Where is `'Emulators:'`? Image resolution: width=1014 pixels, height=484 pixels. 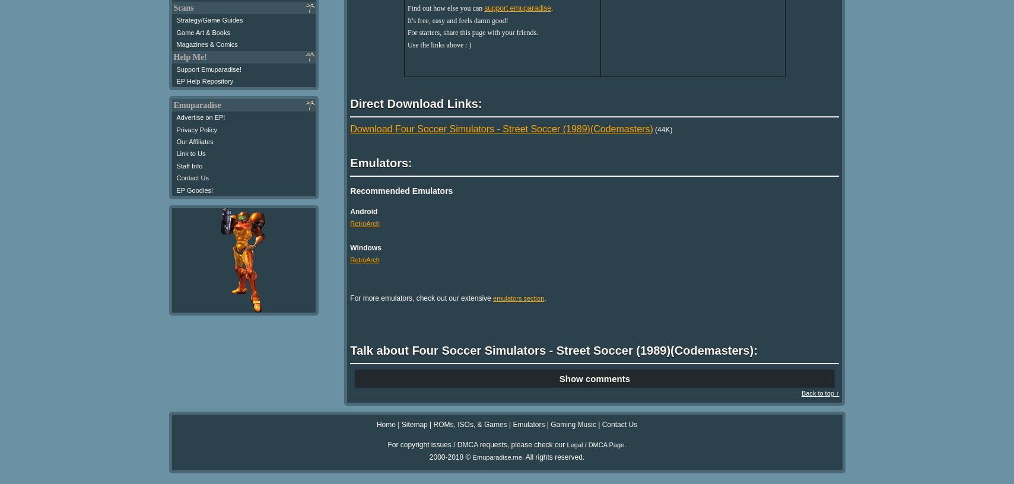 'Emulators:' is located at coordinates (380, 162).